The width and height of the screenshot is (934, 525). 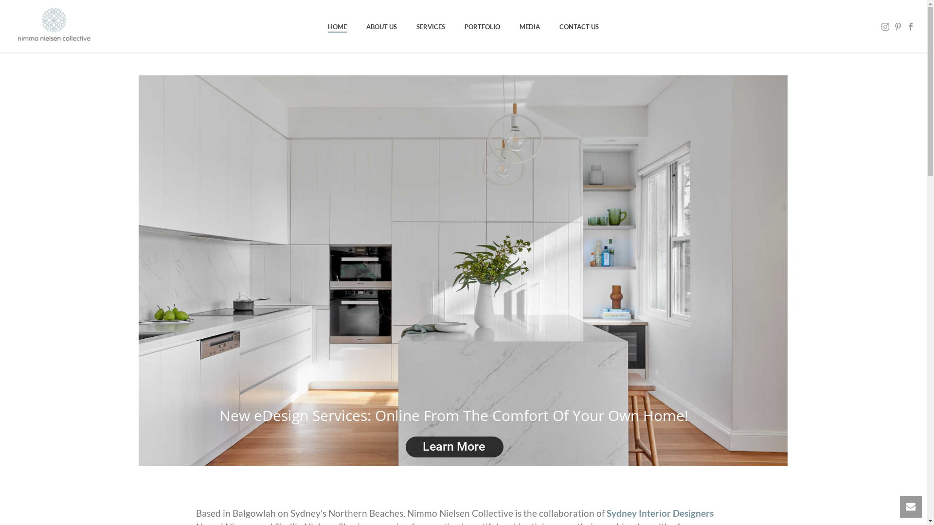 What do you see at coordinates (529, 26) in the screenshot?
I see `'MEDIA'` at bounding box center [529, 26].